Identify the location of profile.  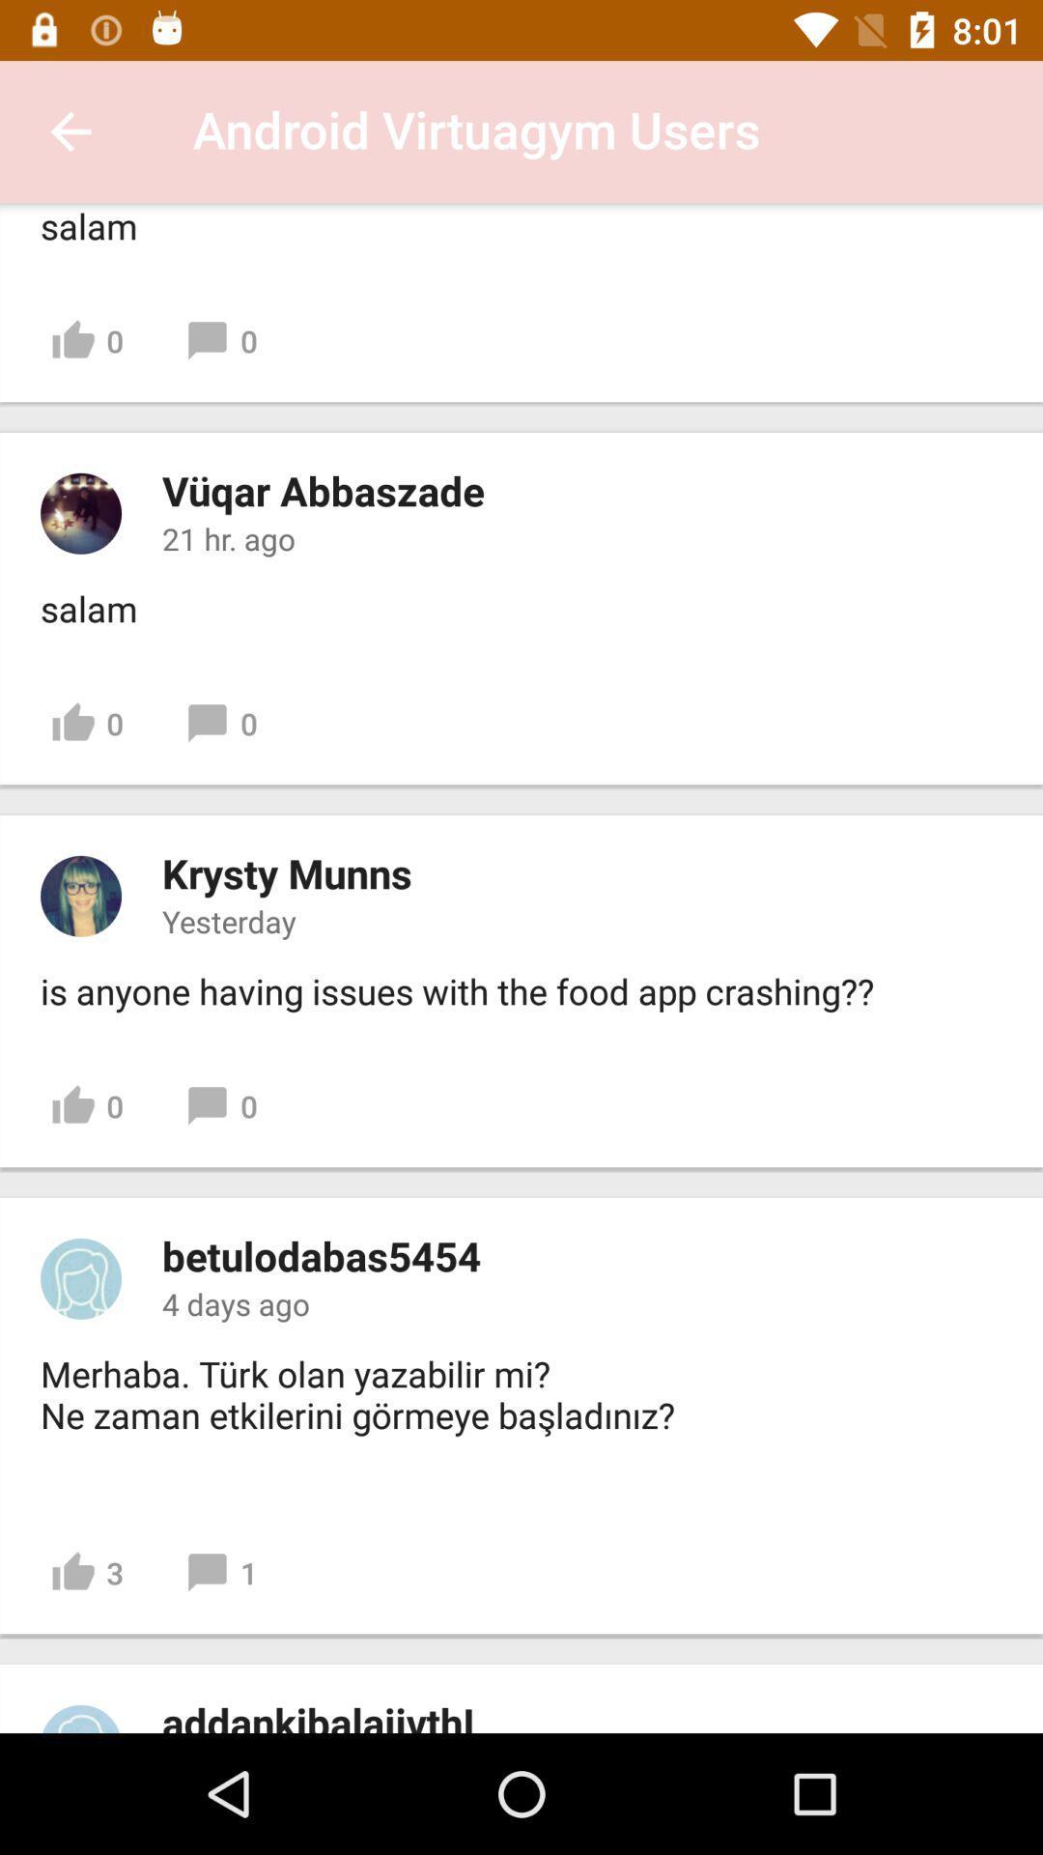
(80, 513).